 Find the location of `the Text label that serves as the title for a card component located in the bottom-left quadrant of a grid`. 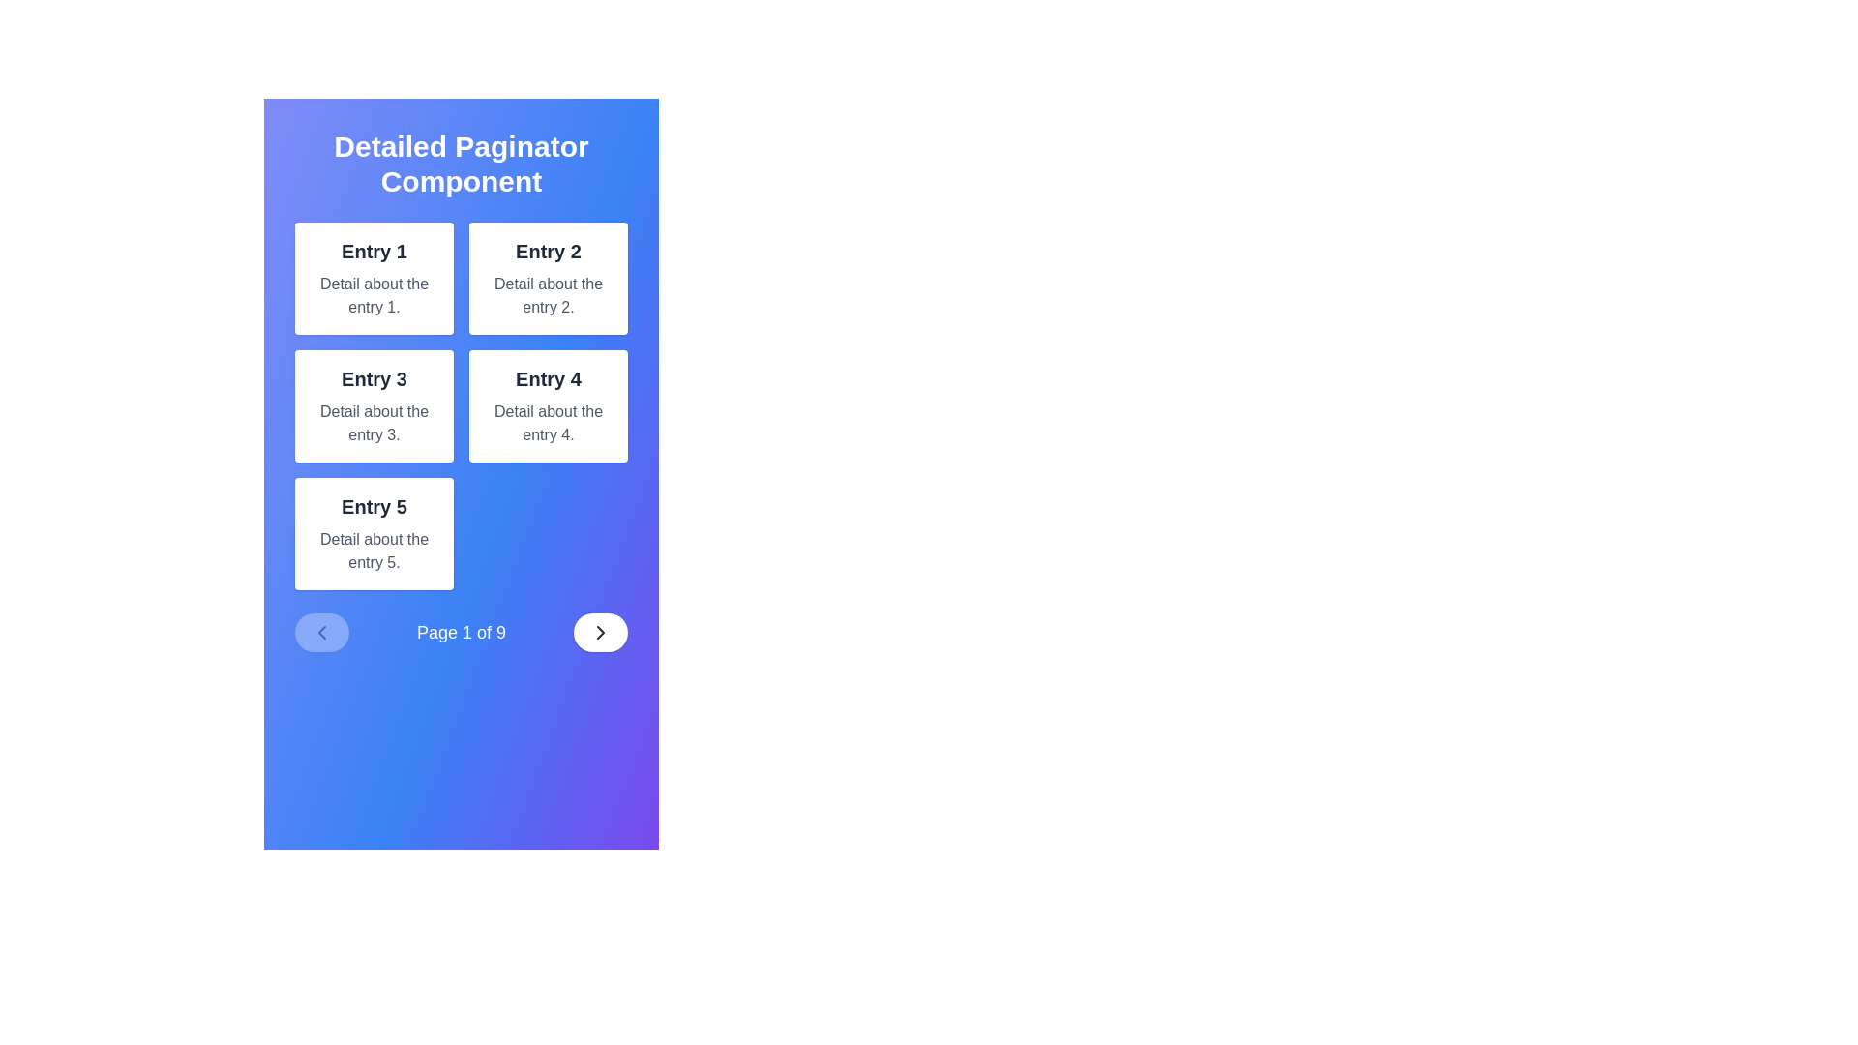

the Text label that serves as the title for a card component located in the bottom-left quadrant of a grid is located at coordinates (375, 506).